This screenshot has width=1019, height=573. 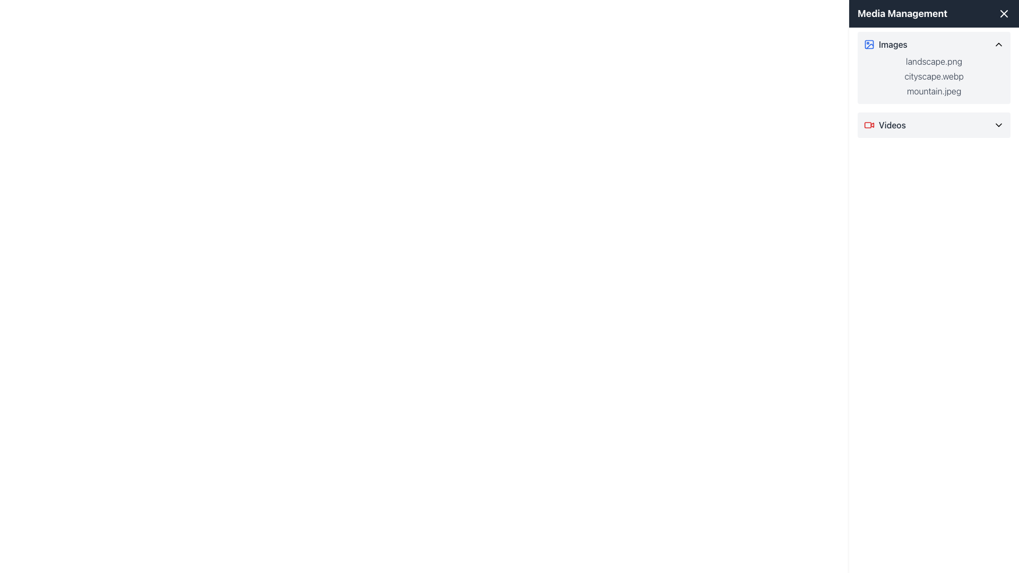 What do you see at coordinates (869, 44) in the screenshot?
I see `the blue image icon located in the top-left corner of the 'Images' section header in the Media Management panel, which is the first element to the left of the 'Images' label` at bounding box center [869, 44].